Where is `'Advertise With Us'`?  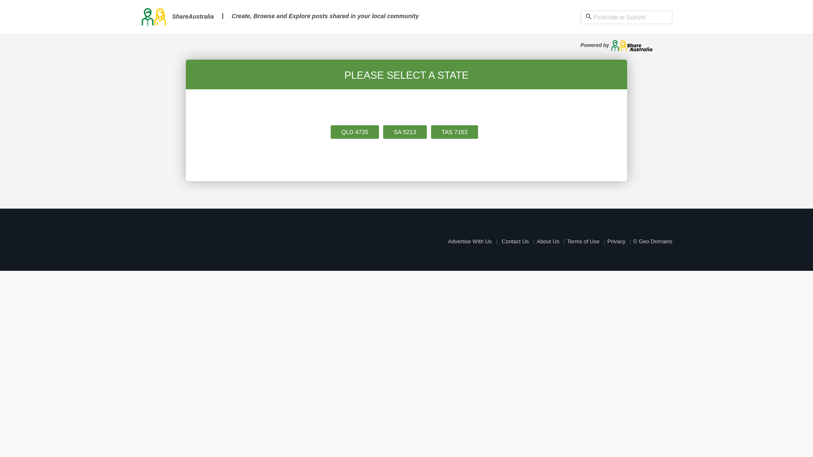
'Advertise With Us' is located at coordinates (469, 241).